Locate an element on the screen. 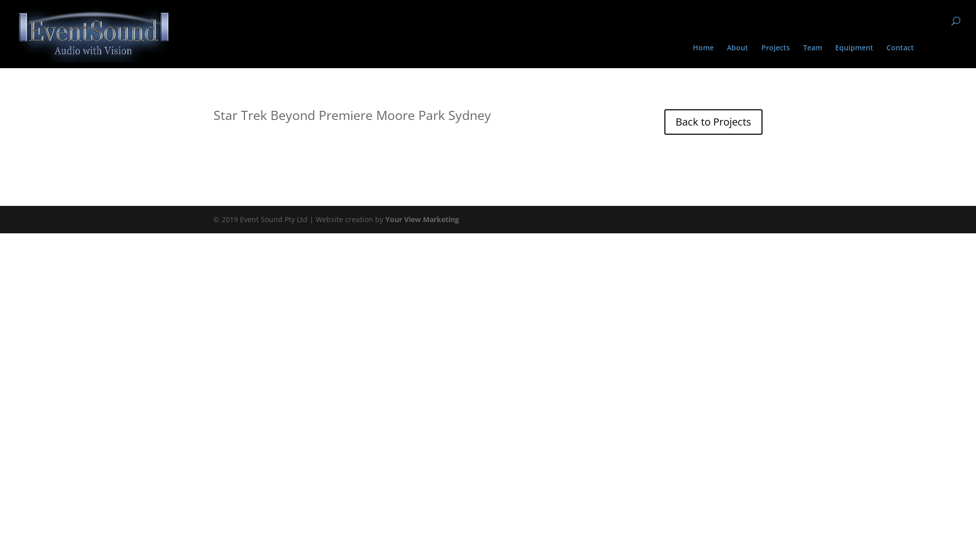 The height and width of the screenshot is (549, 976). 'Team' is located at coordinates (812, 56).